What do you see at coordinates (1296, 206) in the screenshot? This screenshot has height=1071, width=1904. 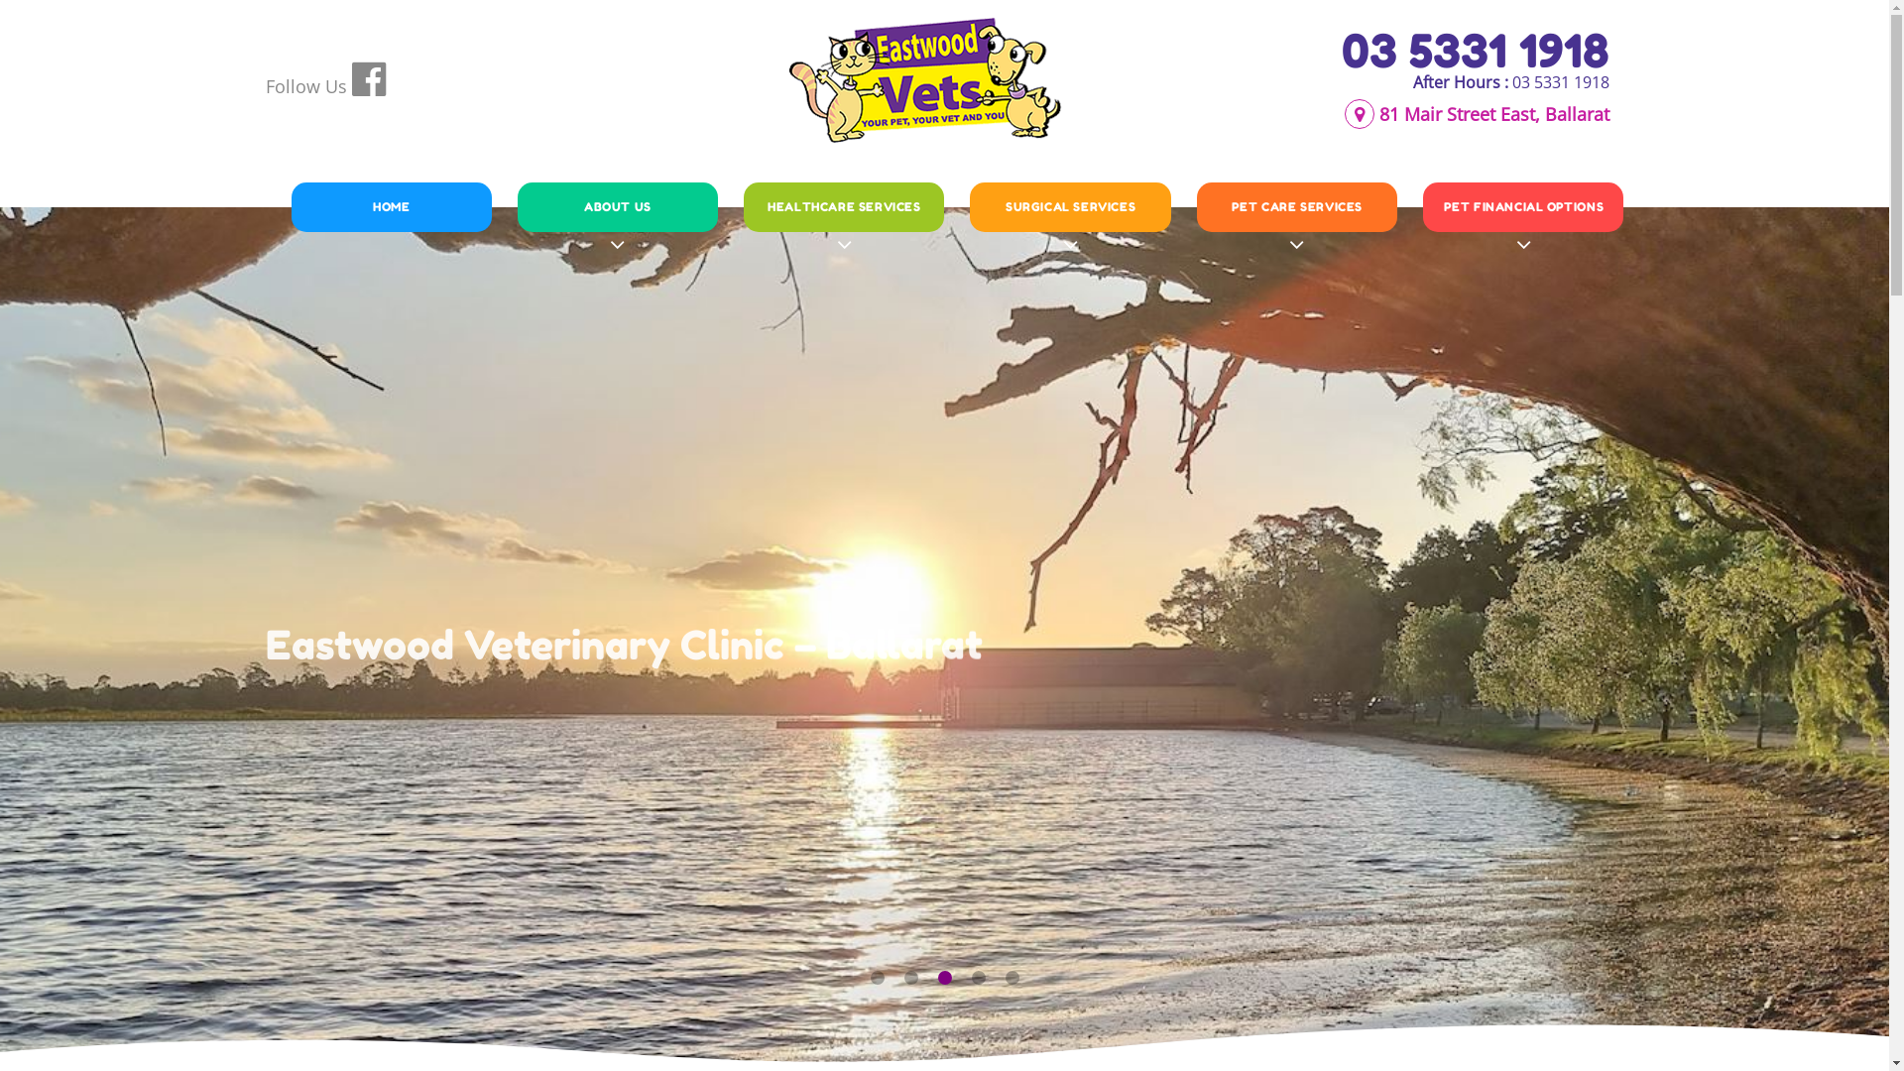 I see `'PET CARE SERVICES'` at bounding box center [1296, 206].